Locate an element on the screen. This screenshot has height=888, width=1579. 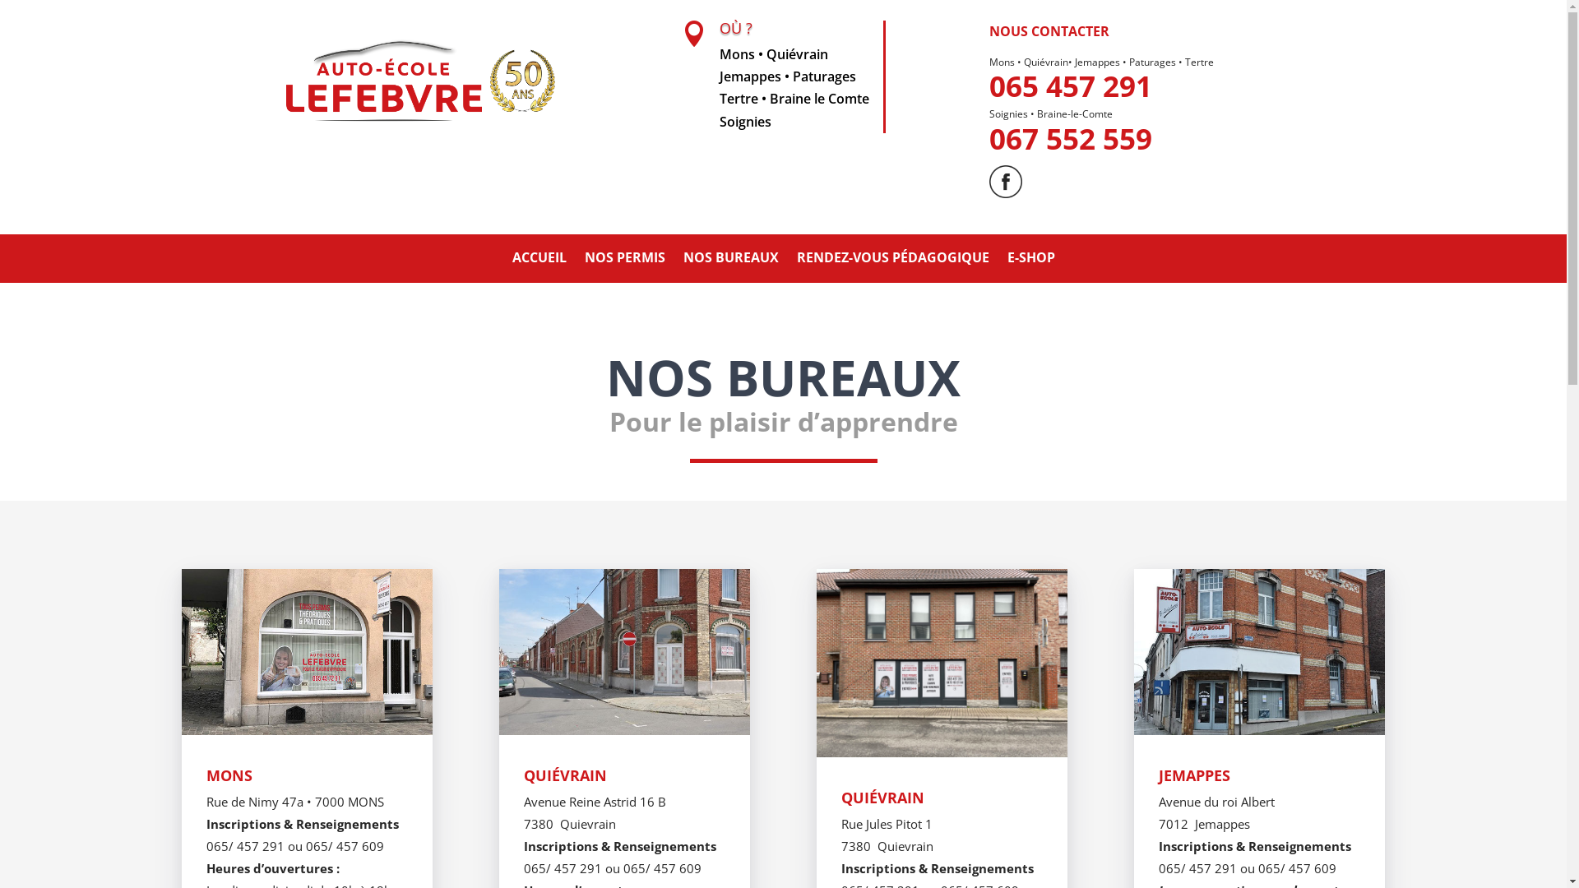
'AEL logo' is located at coordinates (417, 81).